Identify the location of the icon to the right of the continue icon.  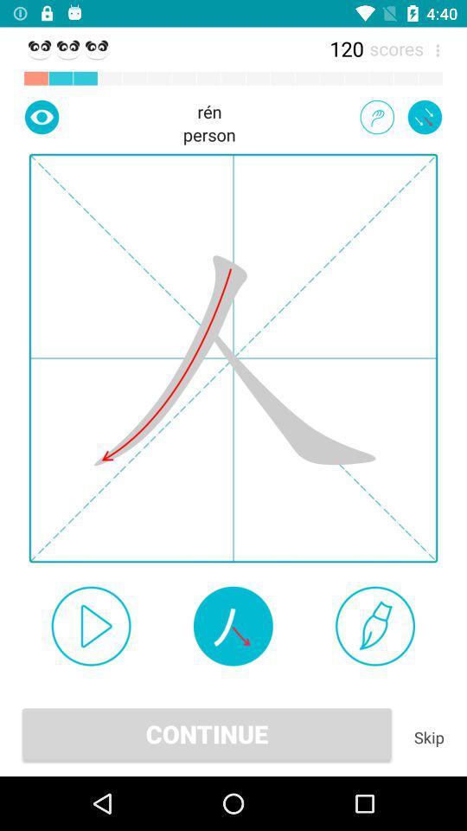
(428, 737).